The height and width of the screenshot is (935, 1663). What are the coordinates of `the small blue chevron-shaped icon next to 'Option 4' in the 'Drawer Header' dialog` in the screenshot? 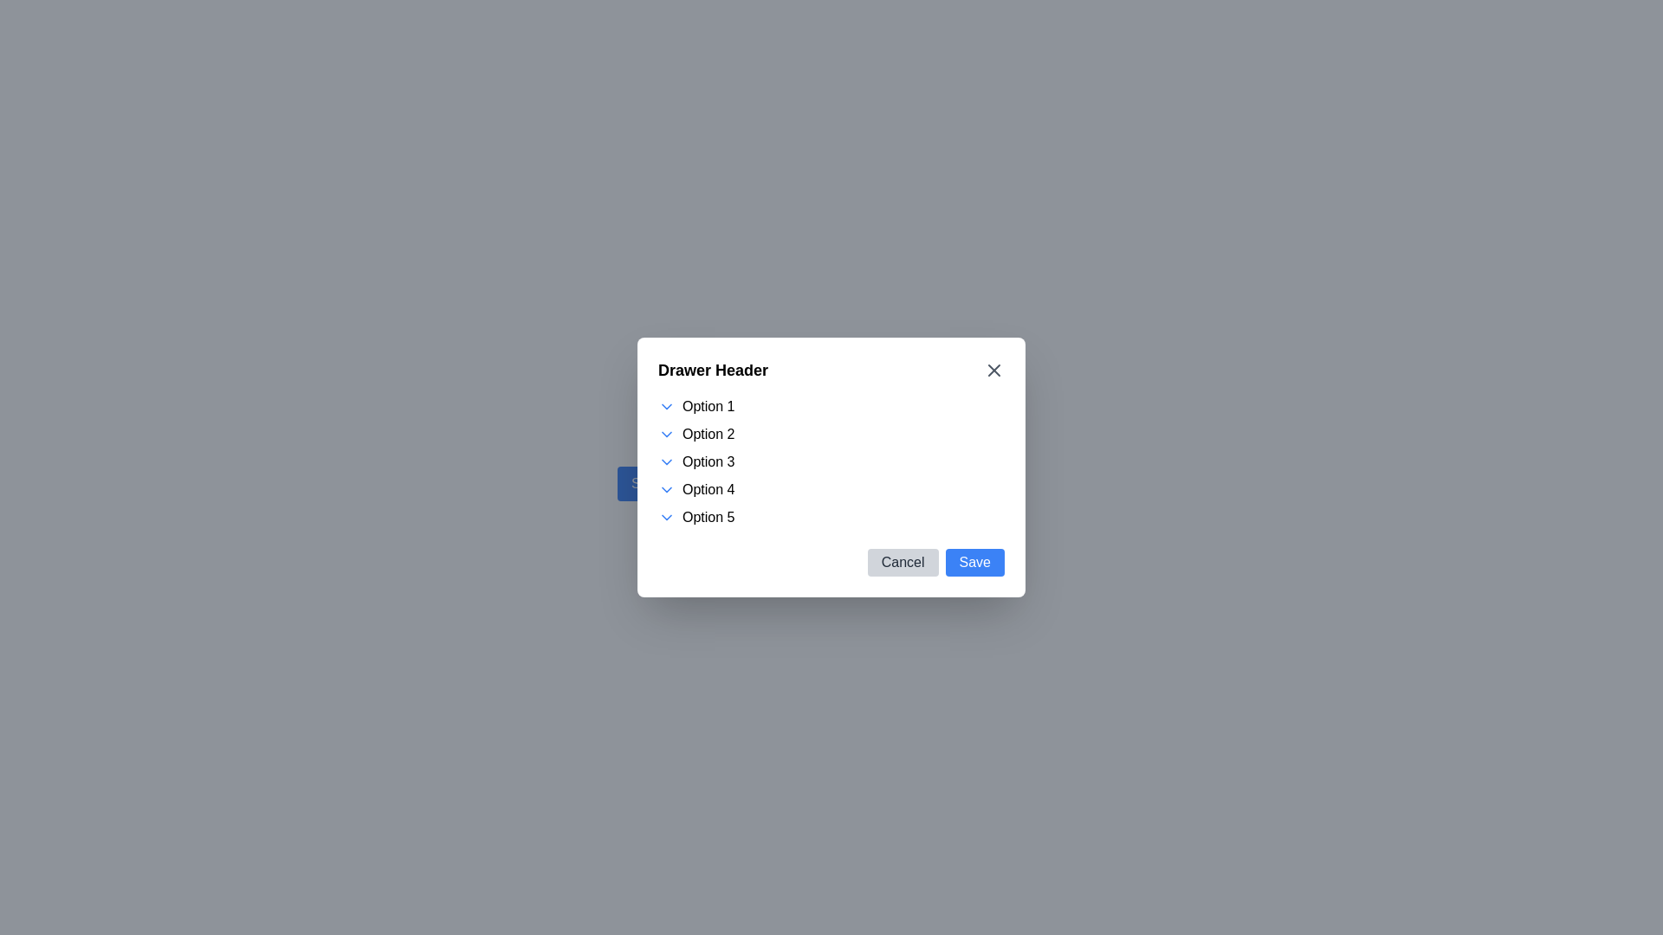 It's located at (665, 490).